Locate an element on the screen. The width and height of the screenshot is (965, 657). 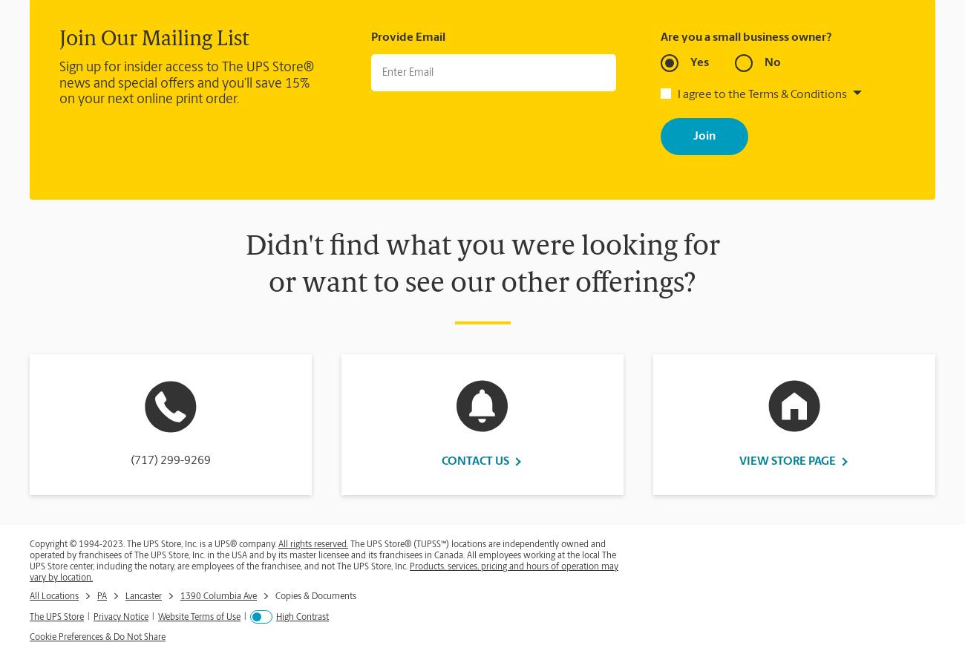
'Copyright © 1994-' is located at coordinates (66, 545).